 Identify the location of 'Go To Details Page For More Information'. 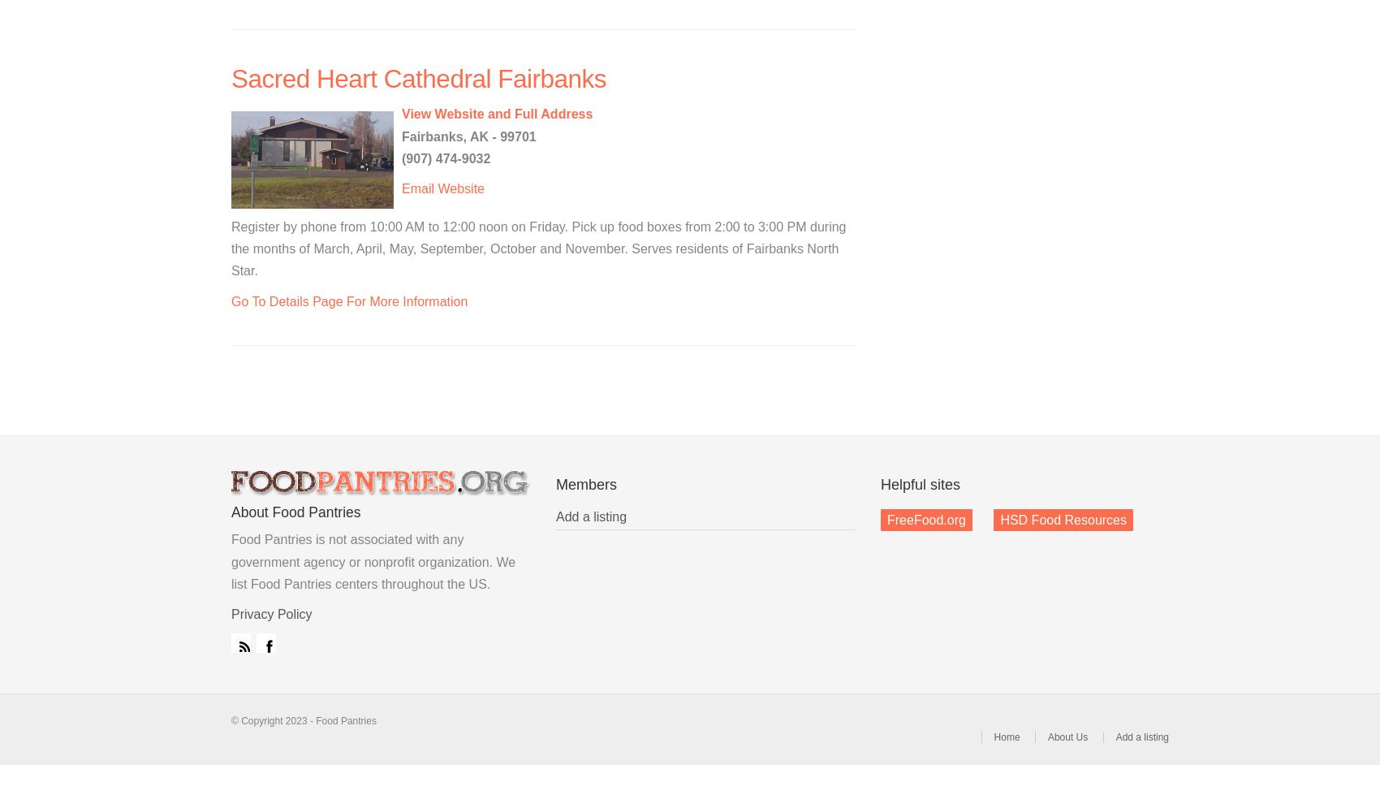
(349, 300).